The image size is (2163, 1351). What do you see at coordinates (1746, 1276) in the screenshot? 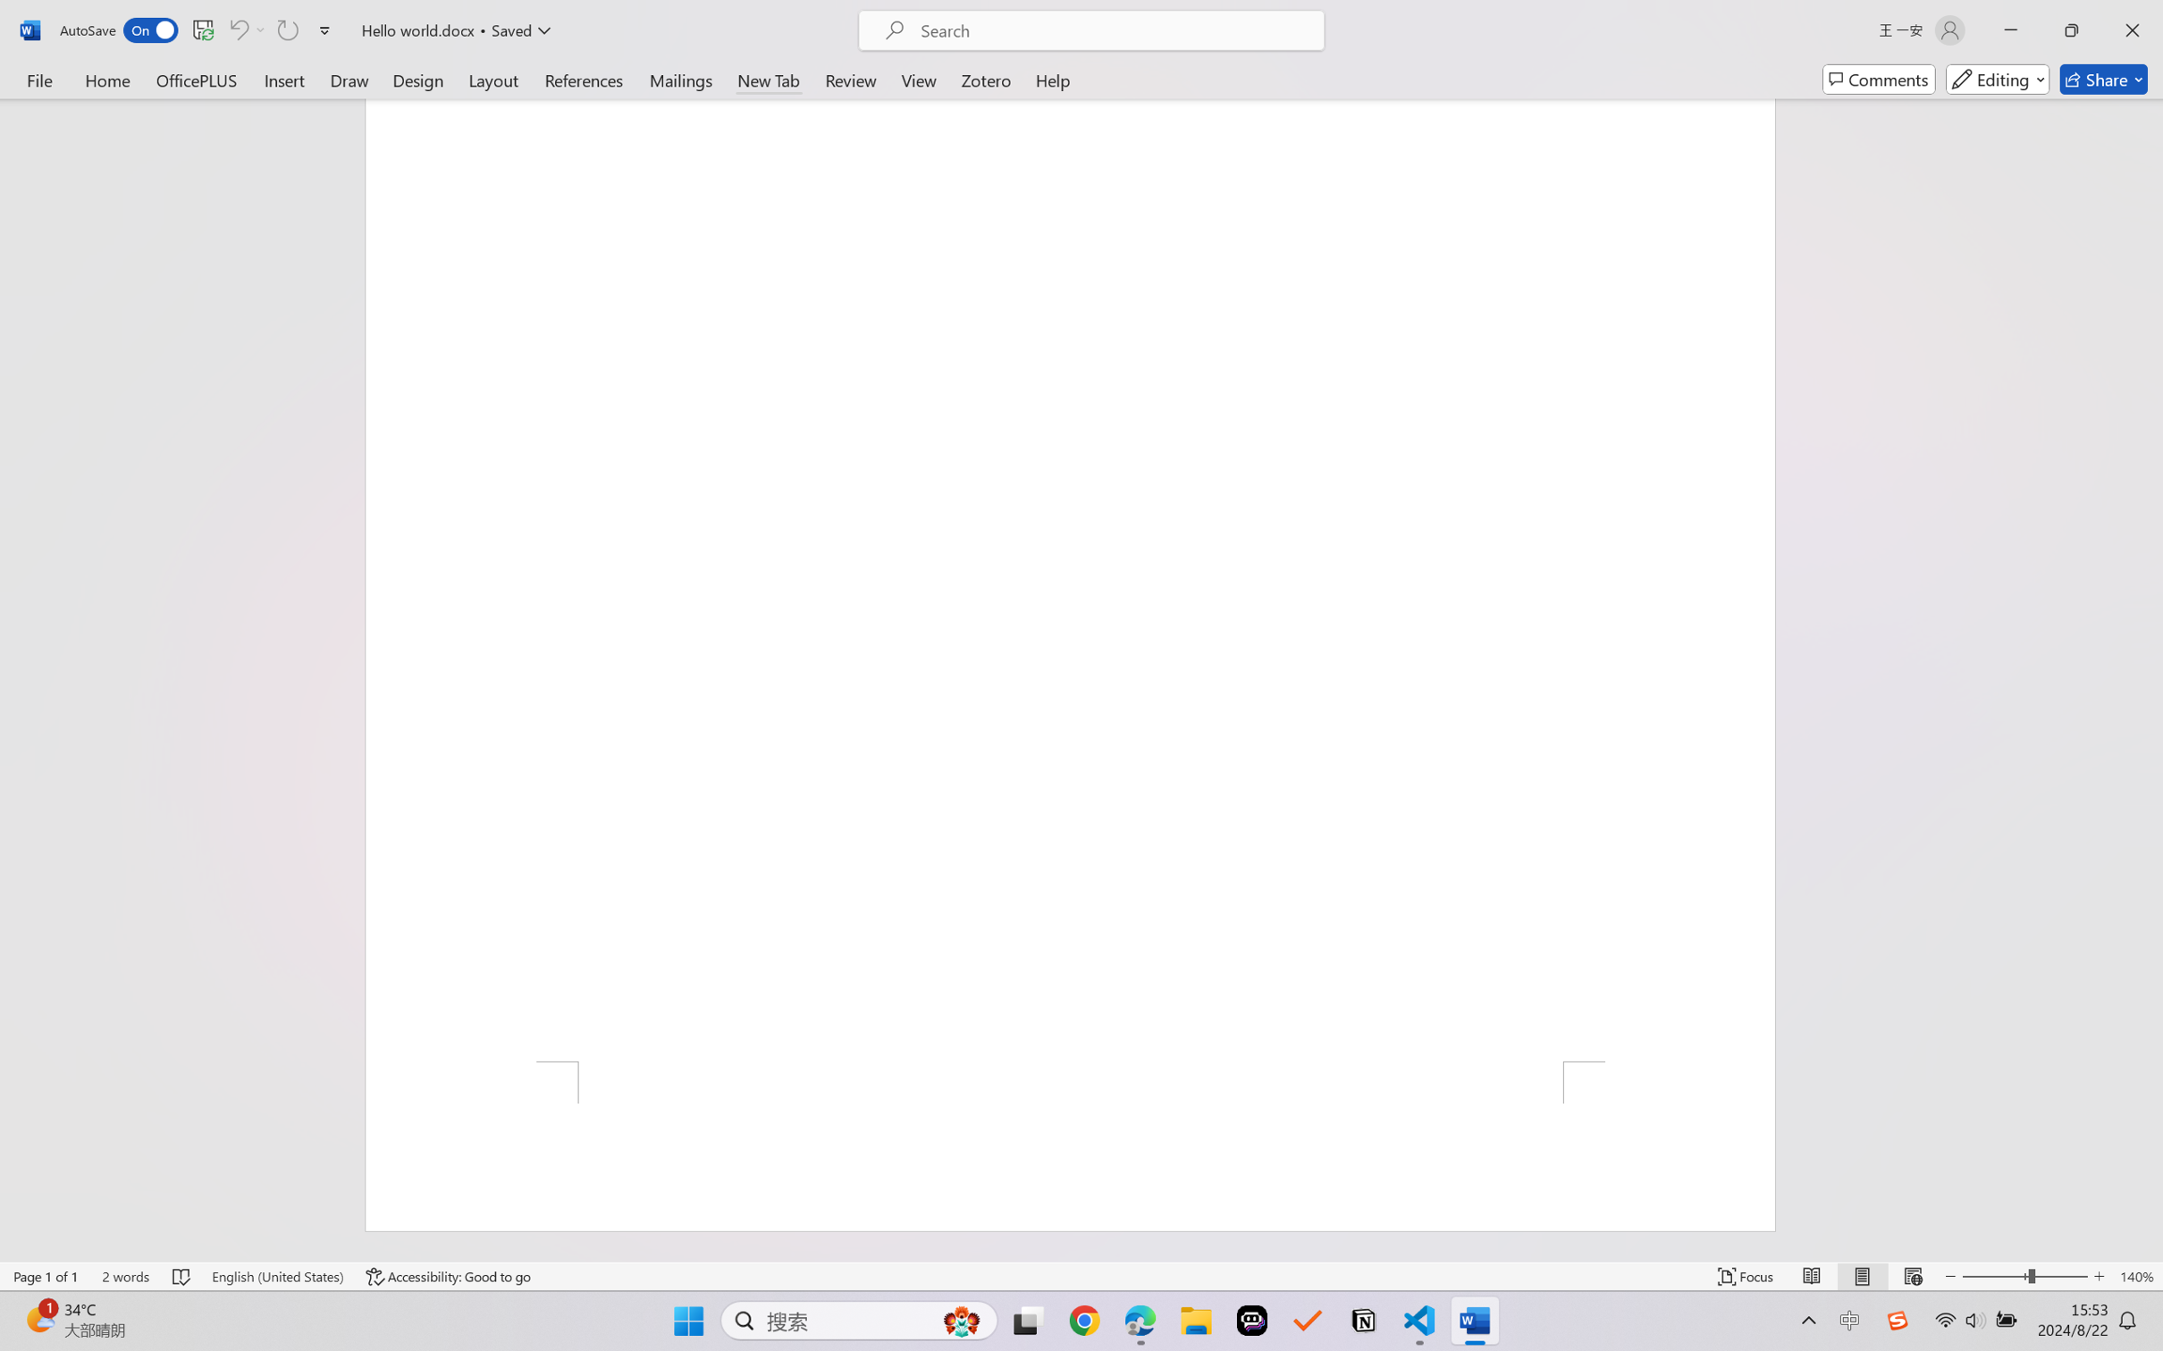
I see `'Focus '` at bounding box center [1746, 1276].